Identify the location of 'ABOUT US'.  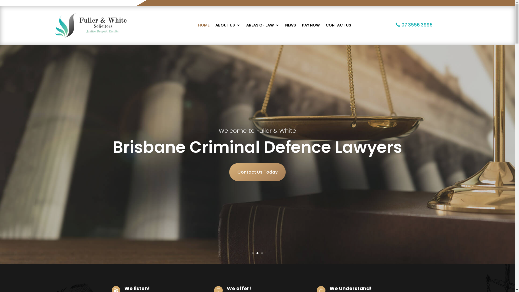
(227, 25).